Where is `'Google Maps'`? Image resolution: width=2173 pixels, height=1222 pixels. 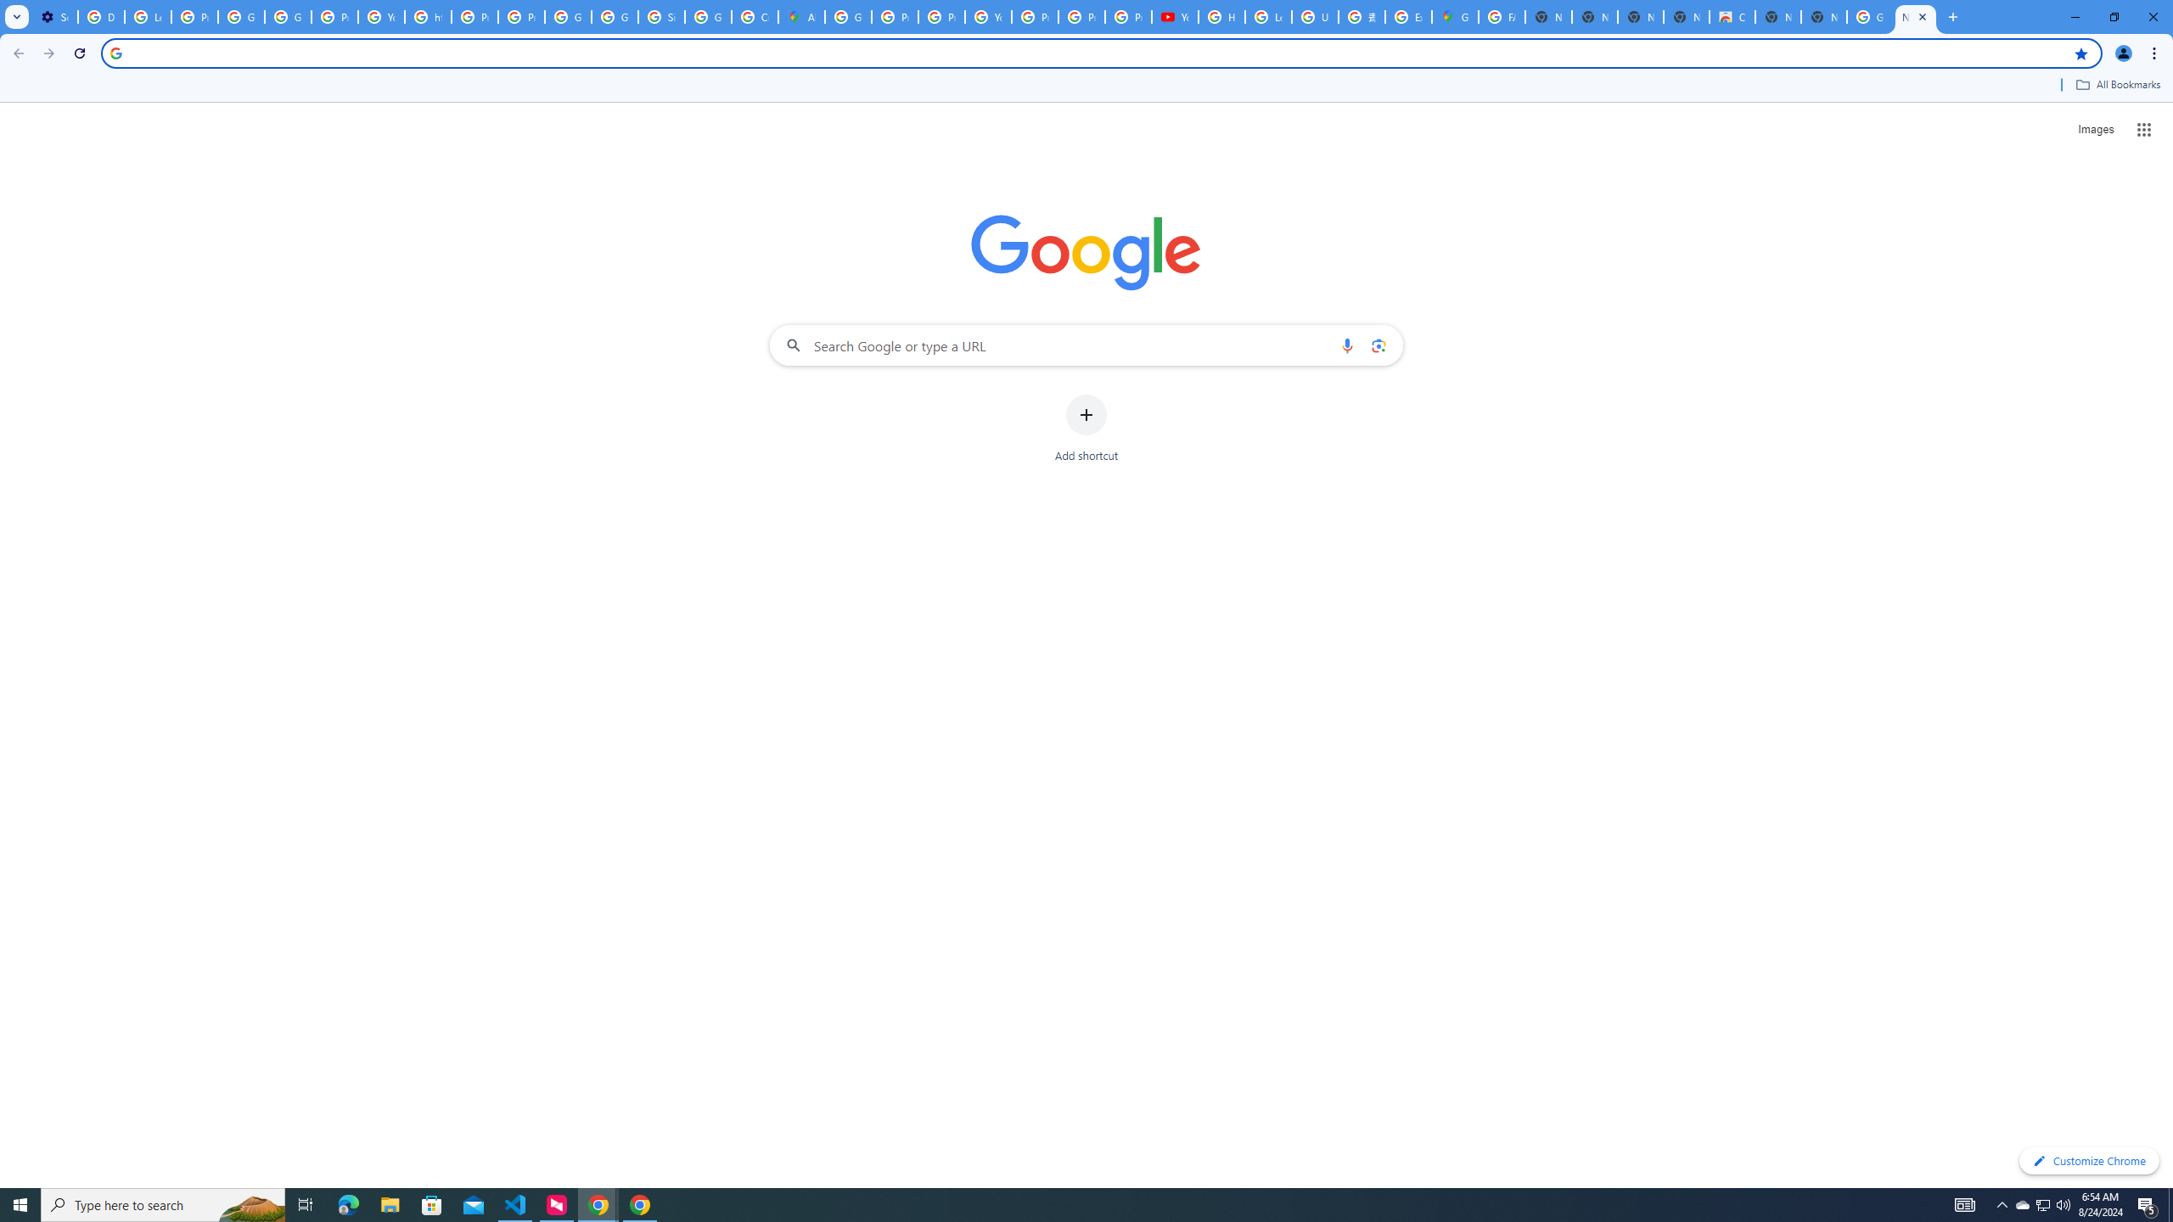 'Google Maps' is located at coordinates (1453, 16).